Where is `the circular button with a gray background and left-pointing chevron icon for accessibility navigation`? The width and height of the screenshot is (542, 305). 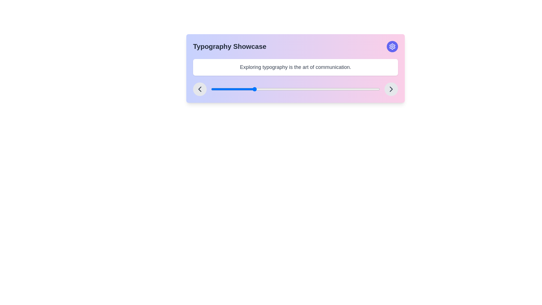
the circular button with a gray background and left-pointing chevron icon for accessibility navigation is located at coordinates (200, 89).